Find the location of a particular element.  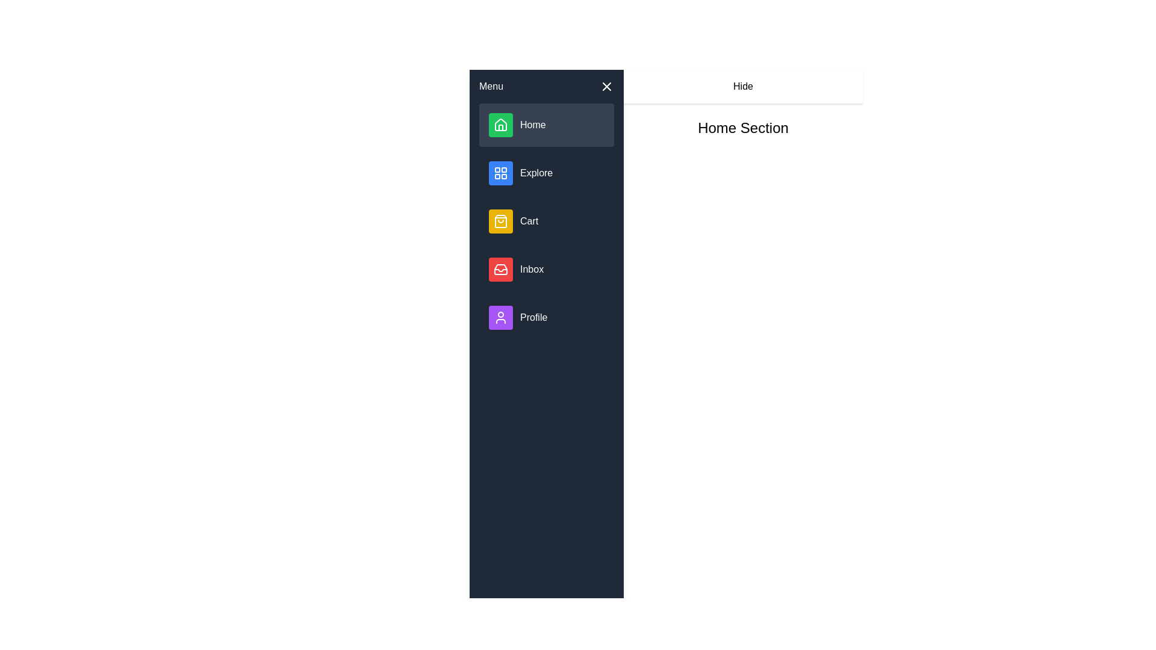

the inbox icon located as the fourth item in the vertical menu on the left side of the interface is located at coordinates (500, 268).